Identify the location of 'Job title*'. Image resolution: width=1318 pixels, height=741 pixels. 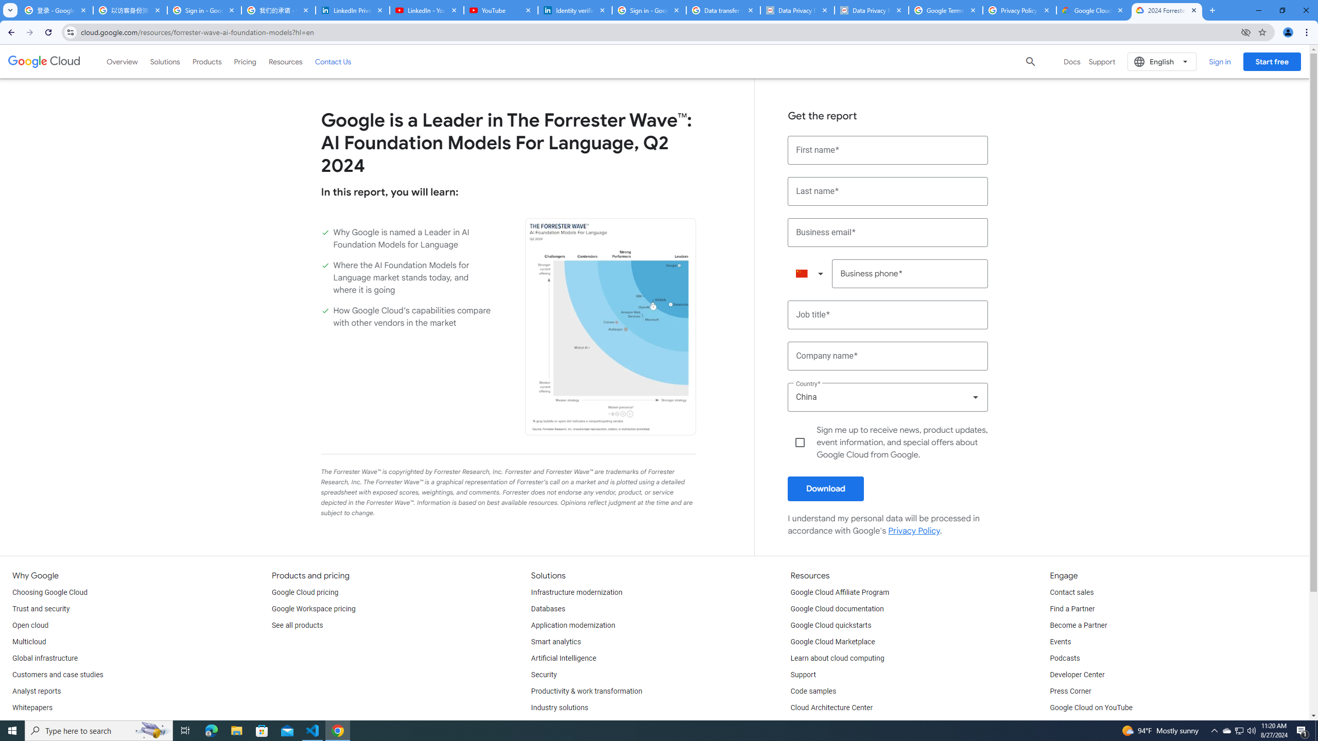
(888, 315).